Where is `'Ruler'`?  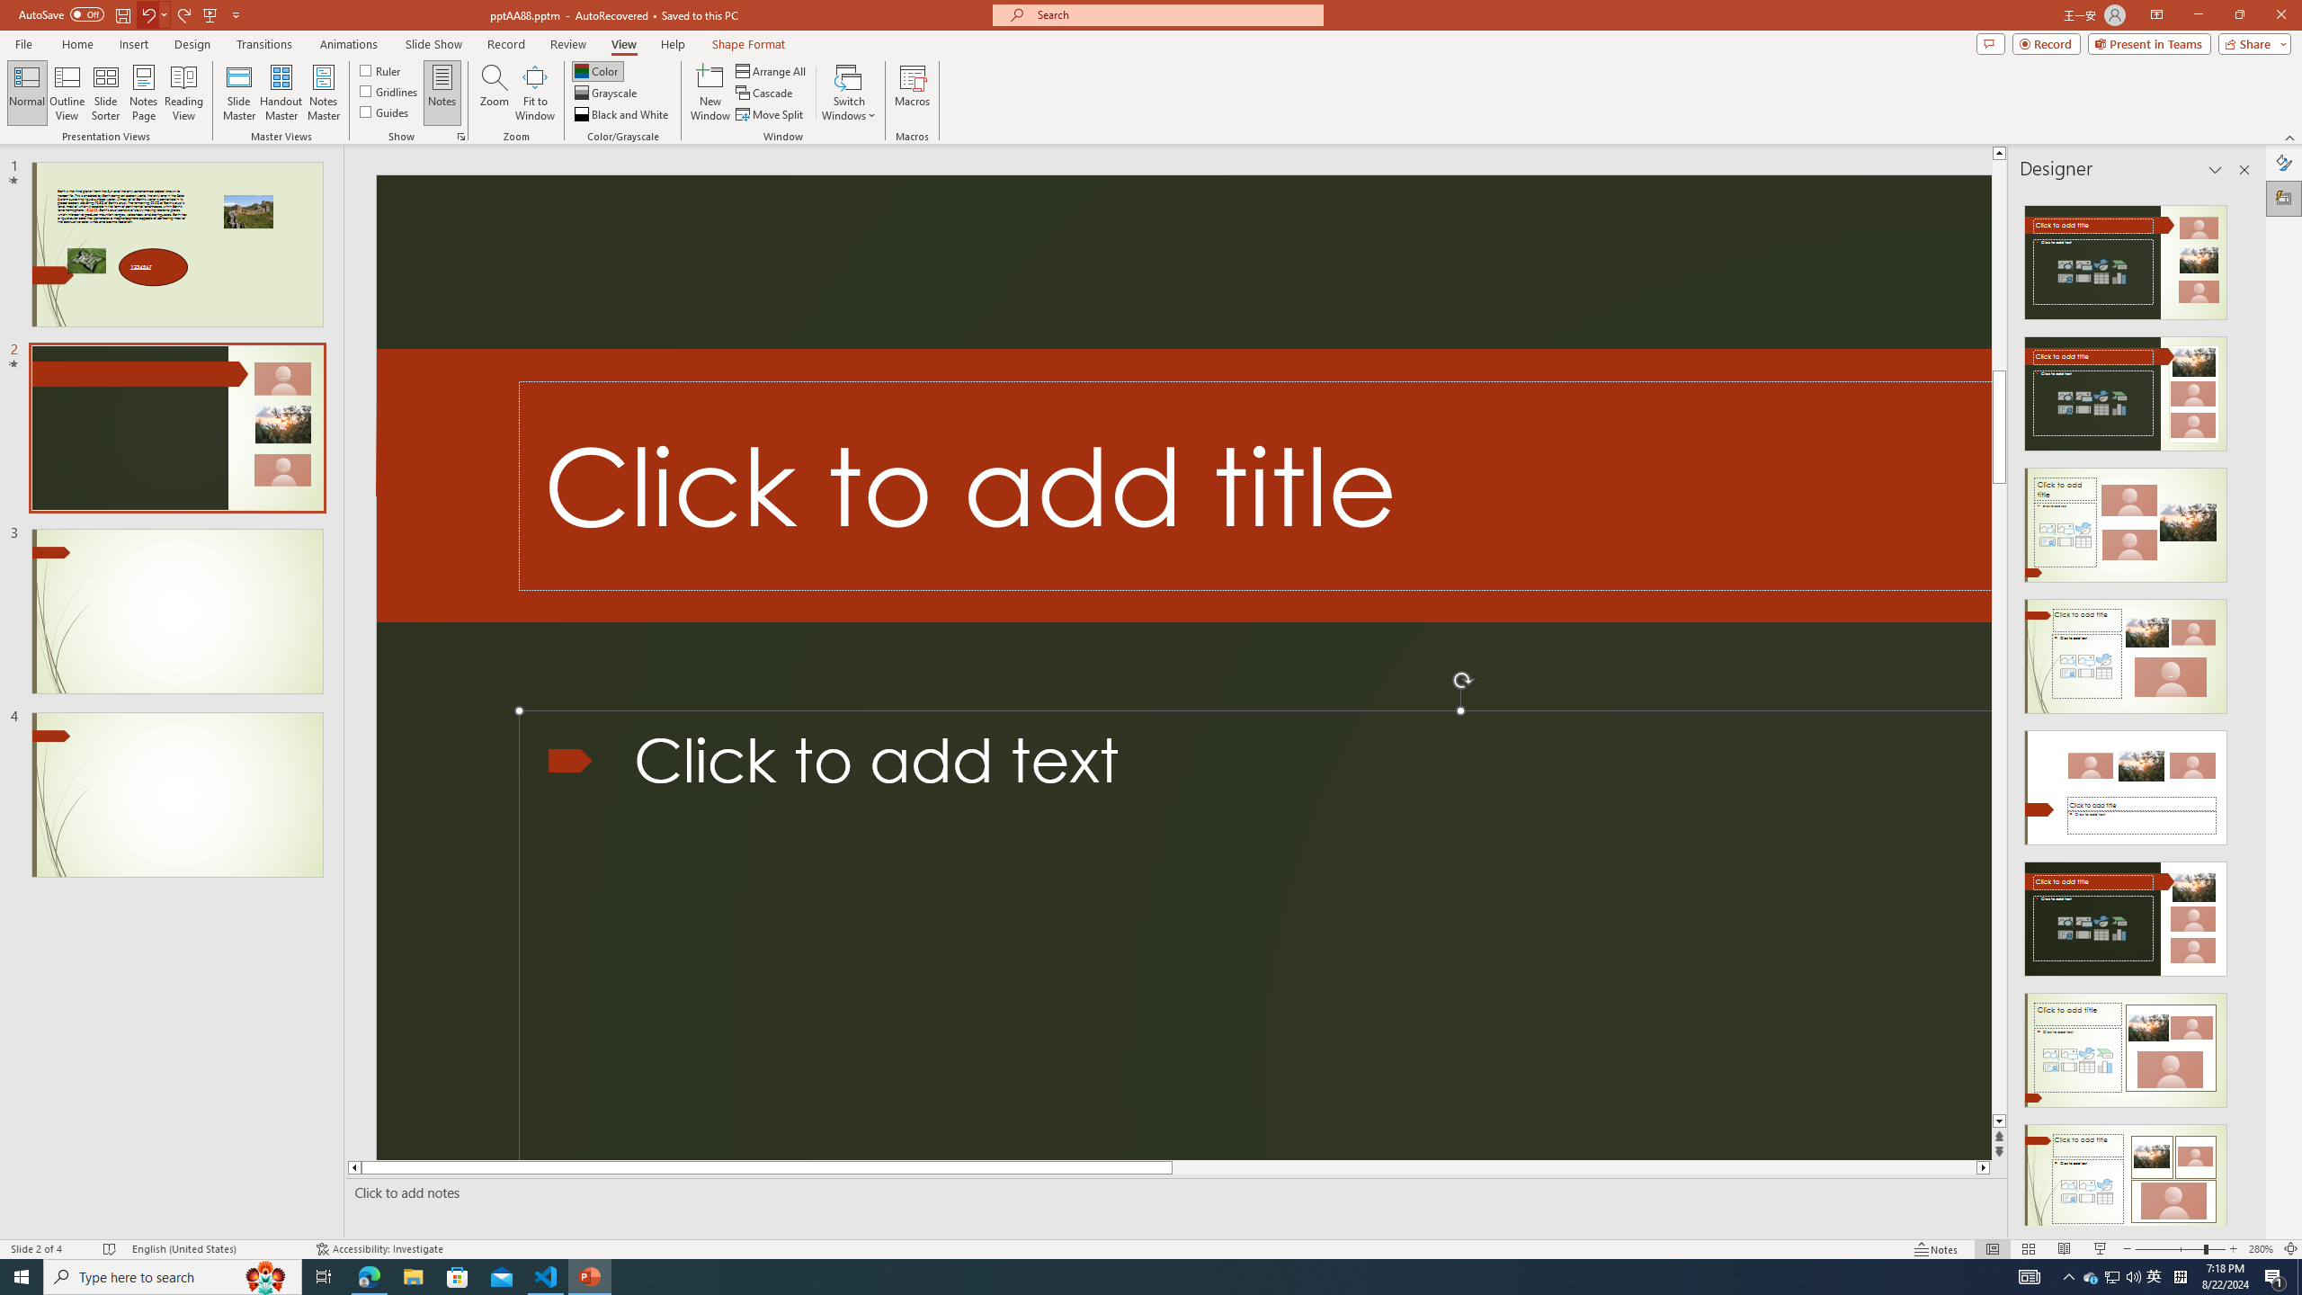 'Ruler' is located at coordinates (380, 69).